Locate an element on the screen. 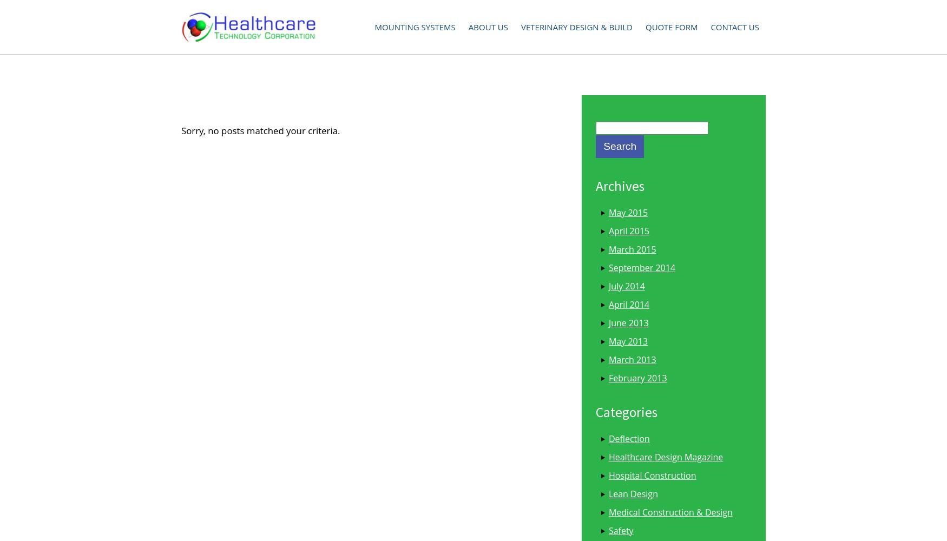 This screenshot has height=541, width=947. 'Hospital Construction' is located at coordinates (608, 475).